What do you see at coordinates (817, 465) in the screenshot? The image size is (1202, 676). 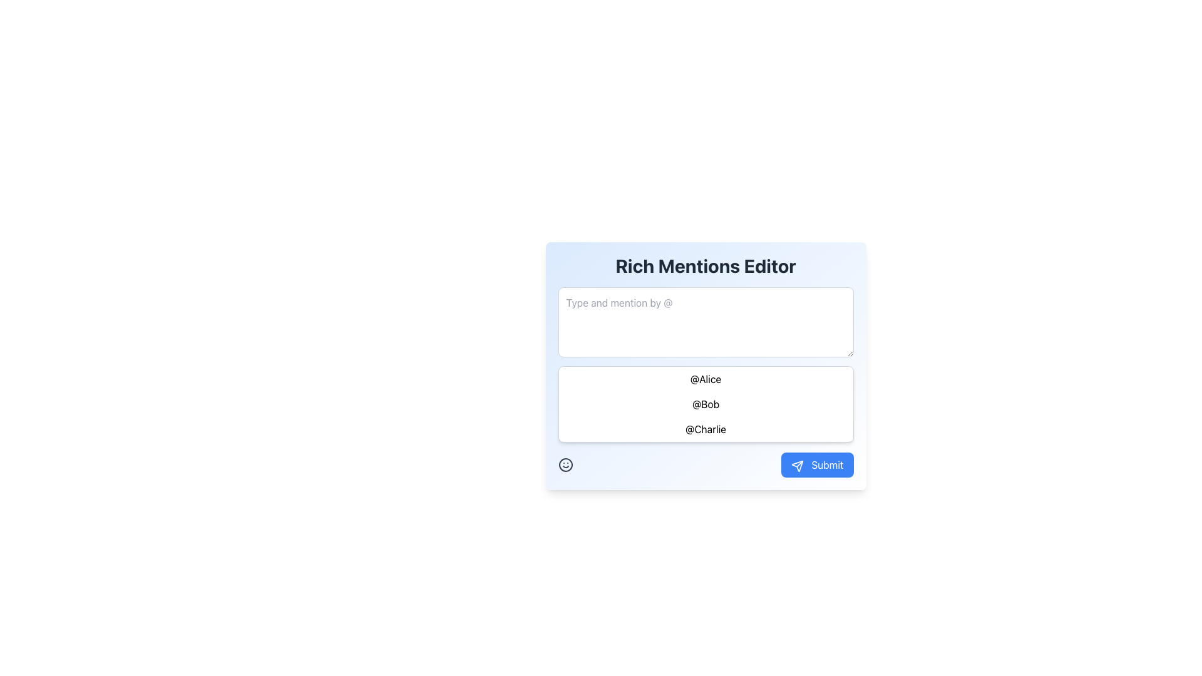 I see `the 'Submit' button with a blue background and a paper airplane icon to trigger a visual or tooltip effect` at bounding box center [817, 465].